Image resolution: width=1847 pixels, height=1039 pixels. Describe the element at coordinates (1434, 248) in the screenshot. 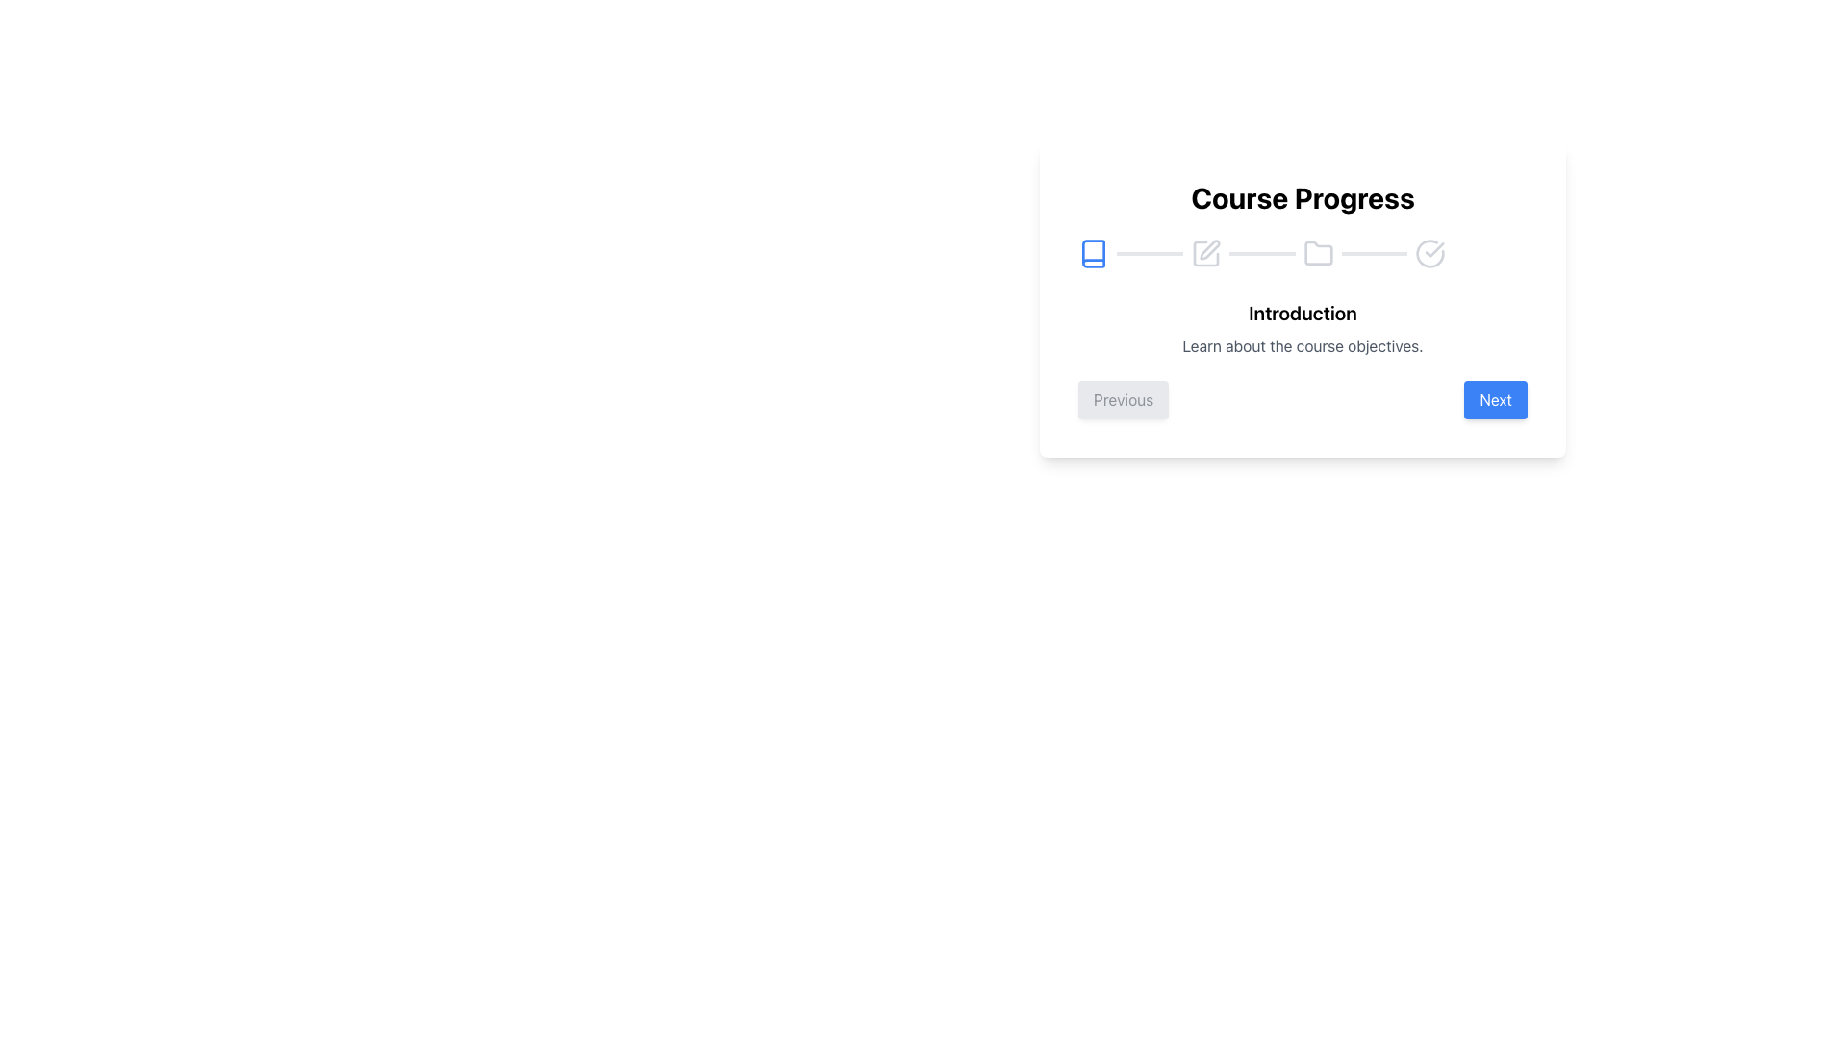

I see `the vector graphic element that indicates the completion of the associated step in the progress tracker, located inside the rightmost circular icon in the 'Course Progress' section` at that location.